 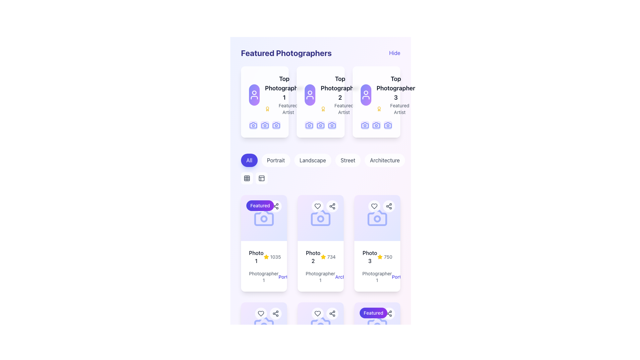 What do you see at coordinates (254, 92) in the screenshot?
I see `the Circle element that represents the head of a user icon in the upper component of the user icon inside the leftmost card of the 'Featured Photographers' section` at bounding box center [254, 92].